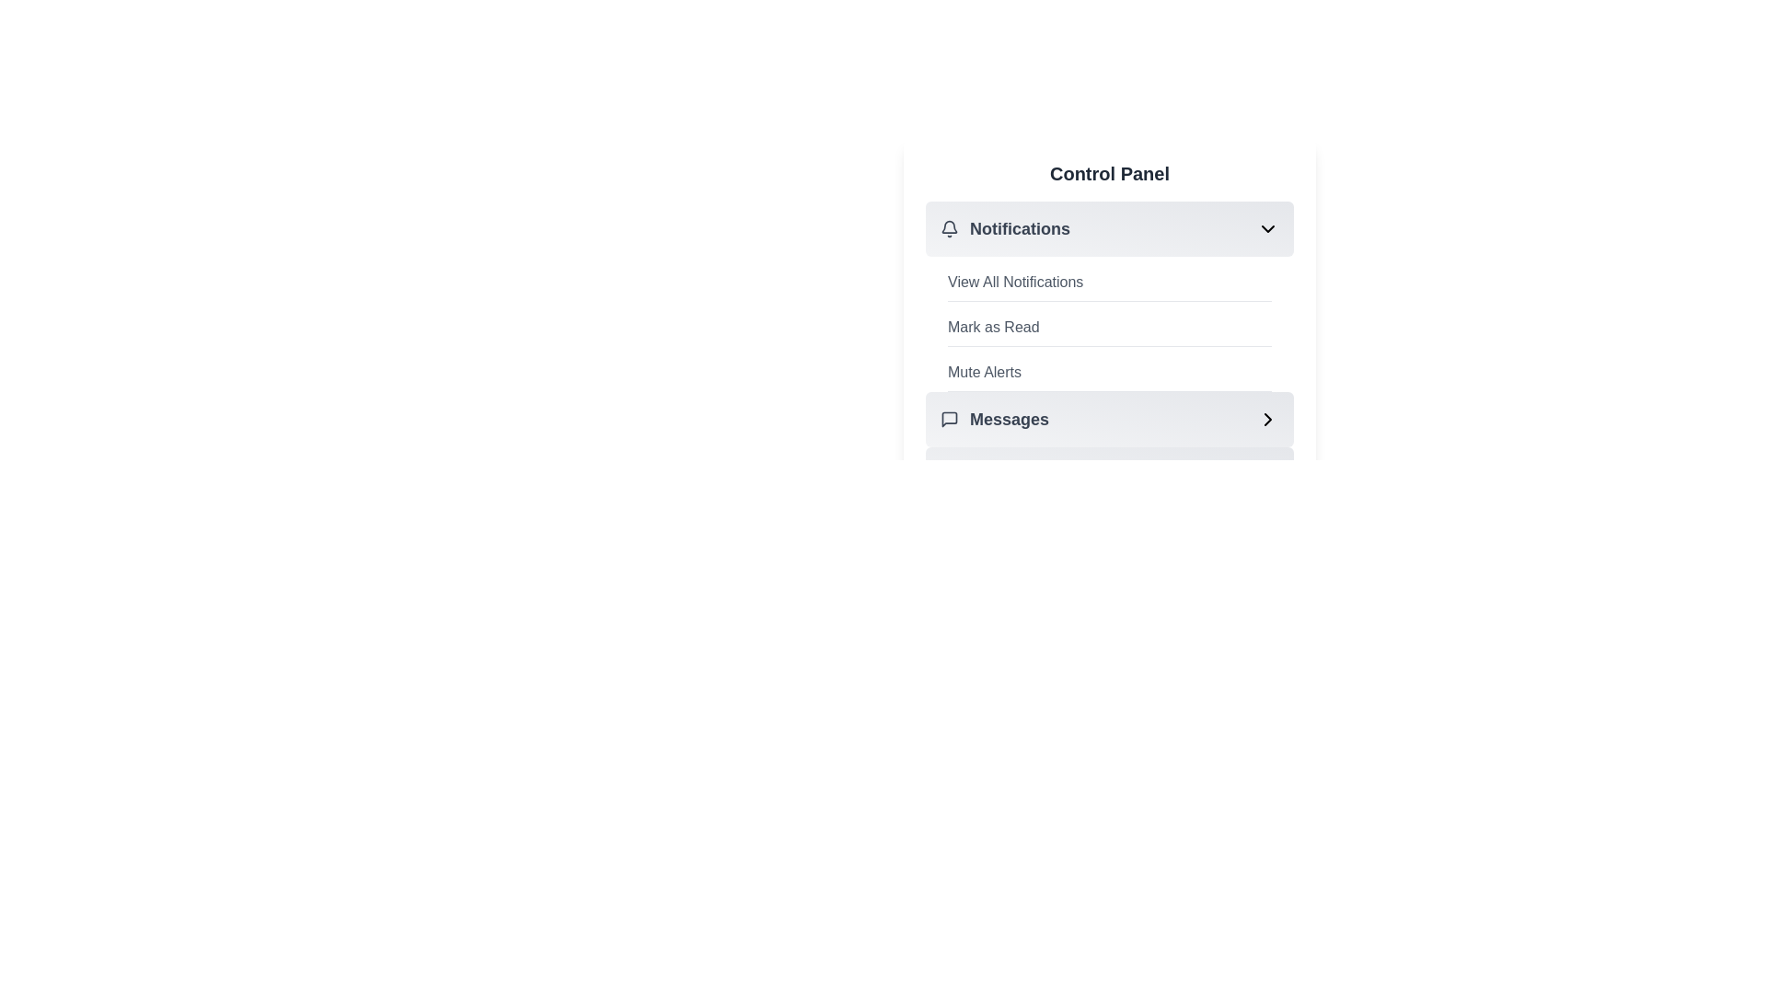  Describe the element at coordinates (1004, 228) in the screenshot. I see `the textual label that serves as a title for the notification section, located prominently to the left of a dropdown arrow icon` at that location.